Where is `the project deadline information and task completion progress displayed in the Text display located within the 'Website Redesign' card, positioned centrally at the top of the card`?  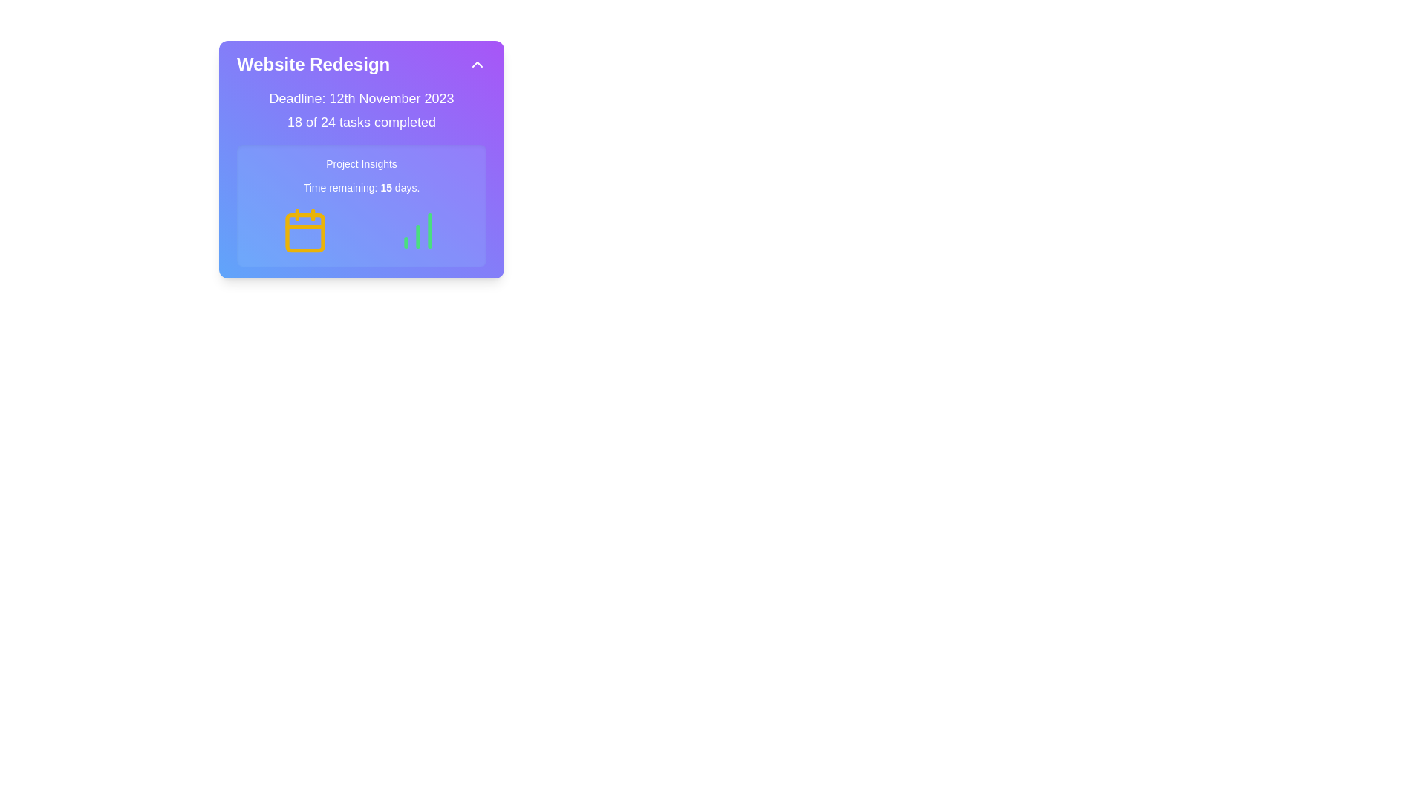 the project deadline information and task completion progress displayed in the Text display located within the 'Website Redesign' card, positioned centrally at the top of the card is located at coordinates (361, 110).